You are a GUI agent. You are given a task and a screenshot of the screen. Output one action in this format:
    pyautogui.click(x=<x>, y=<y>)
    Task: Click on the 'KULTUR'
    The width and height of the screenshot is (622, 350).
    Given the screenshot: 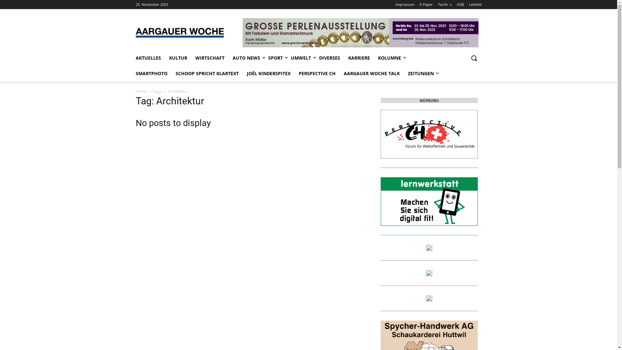 What is the action you would take?
    pyautogui.click(x=178, y=57)
    